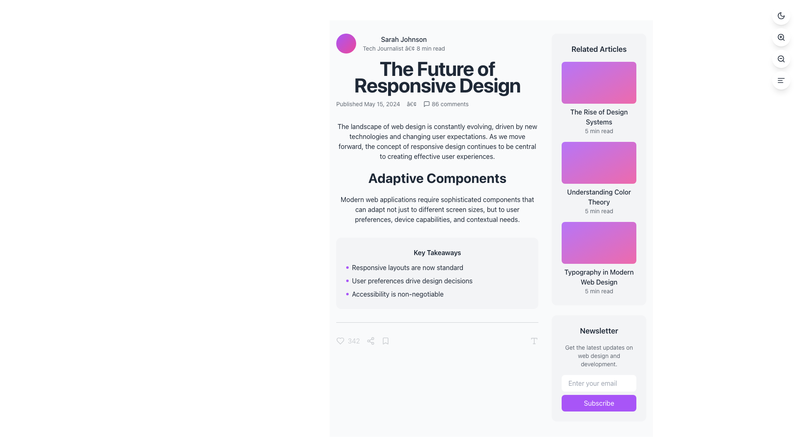 The image size is (797, 448). What do you see at coordinates (437, 209) in the screenshot?
I see `static text element providing descriptive information about adaptive components, located below the heading 'Adaptive Components' and above 'Key Takeaways'` at bounding box center [437, 209].